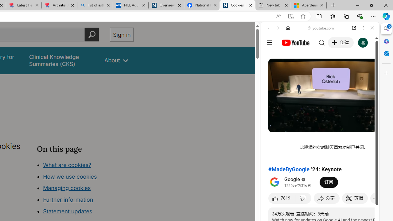 Image resolution: width=393 pixels, height=221 pixels. I want to click on 'SEARCH TOOLS', so click(335, 70).